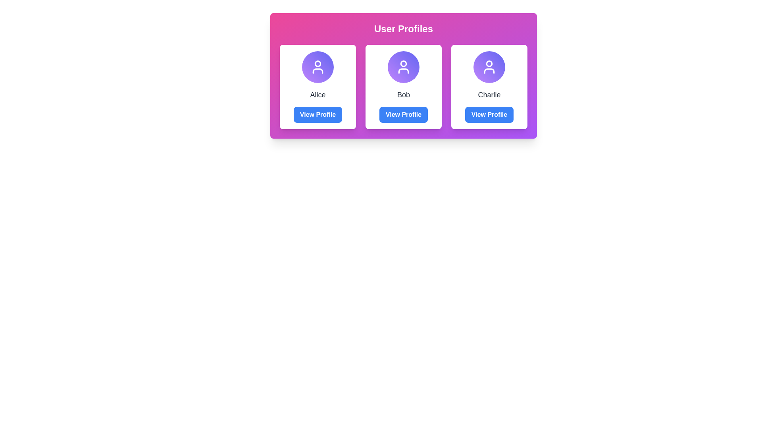 Image resolution: width=762 pixels, height=429 pixels. I want to click on the text label displaying 'Charlie', which is located beneath a circular avatar in the third card of the second row in a grid layout, so click(489, 95).